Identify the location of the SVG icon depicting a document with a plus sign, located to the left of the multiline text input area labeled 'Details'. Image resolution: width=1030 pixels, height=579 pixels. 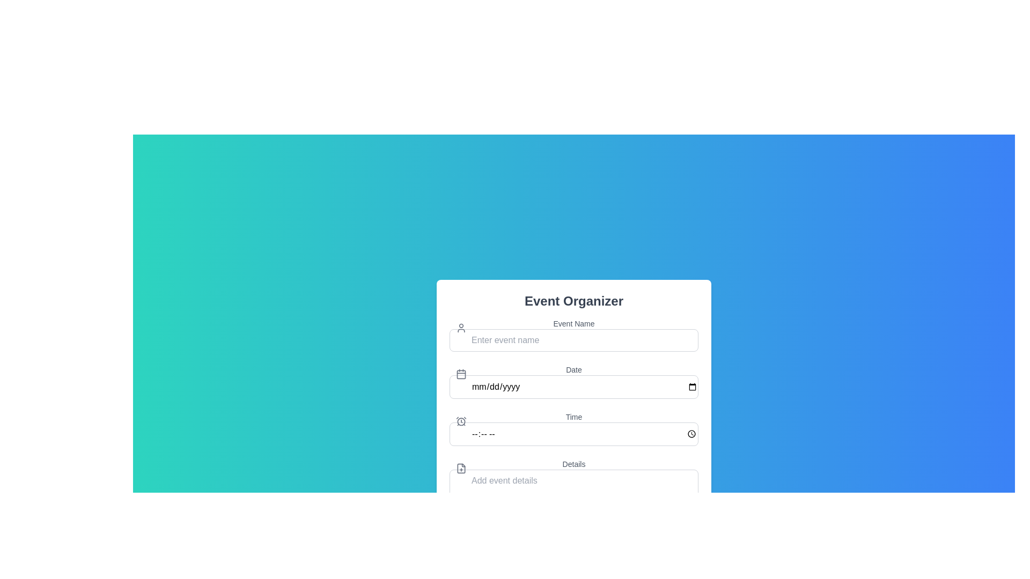
(461, 467).